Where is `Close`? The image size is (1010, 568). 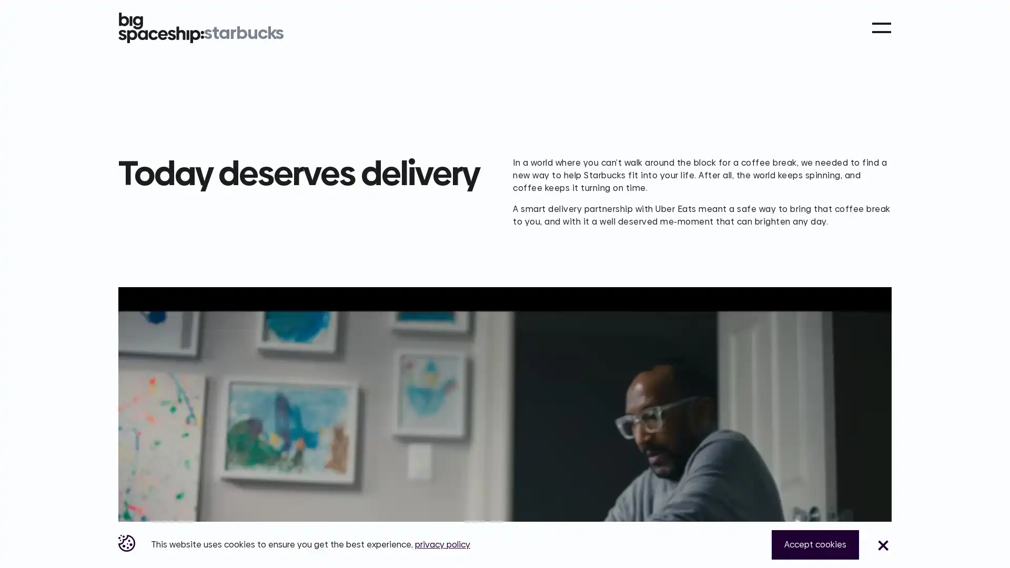 Close is located at coordinates (883, 545).